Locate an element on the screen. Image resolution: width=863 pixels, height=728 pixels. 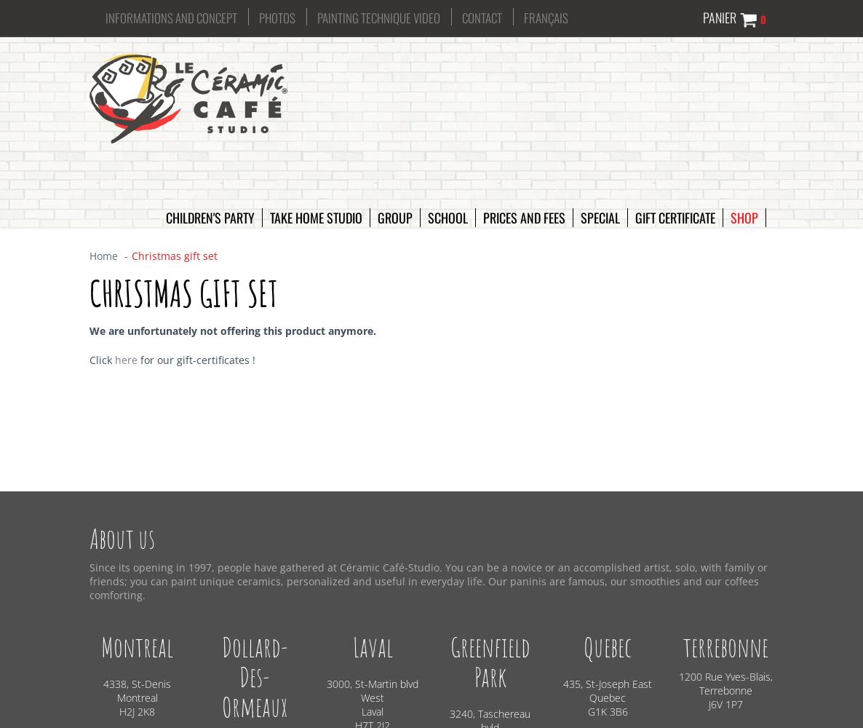
'Greenfield Park' is located at coordinates (490, 662).